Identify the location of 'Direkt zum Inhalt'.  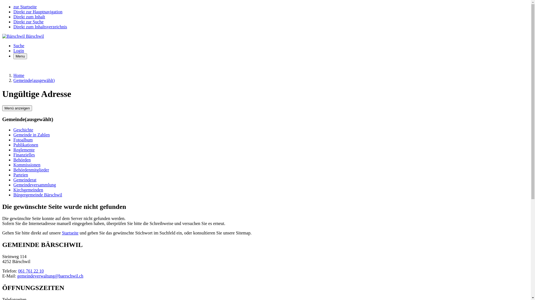
(29, 16).